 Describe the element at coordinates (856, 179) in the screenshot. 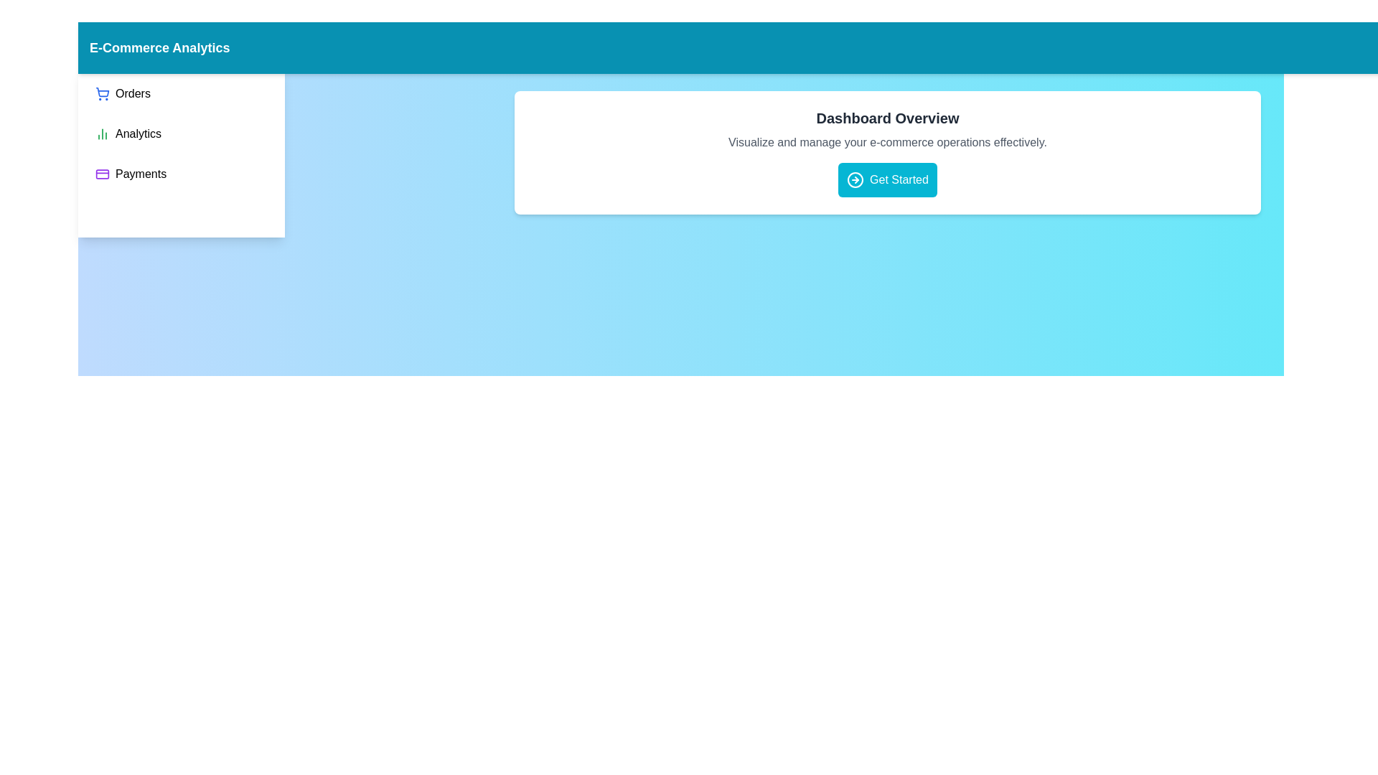

I see `the circular SVG graphical element located in the center of the 'Get Started' button on the 'Dashboard Overview' card` at that location.